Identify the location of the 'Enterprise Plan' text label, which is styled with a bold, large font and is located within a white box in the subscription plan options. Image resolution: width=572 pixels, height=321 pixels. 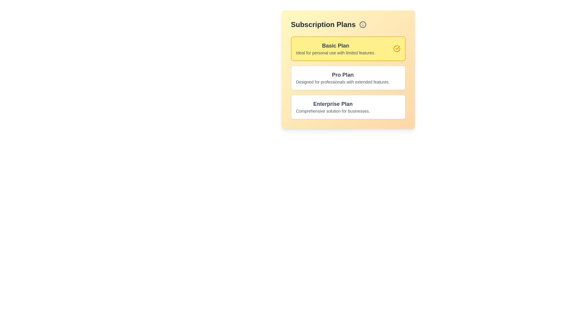
(332, 104).